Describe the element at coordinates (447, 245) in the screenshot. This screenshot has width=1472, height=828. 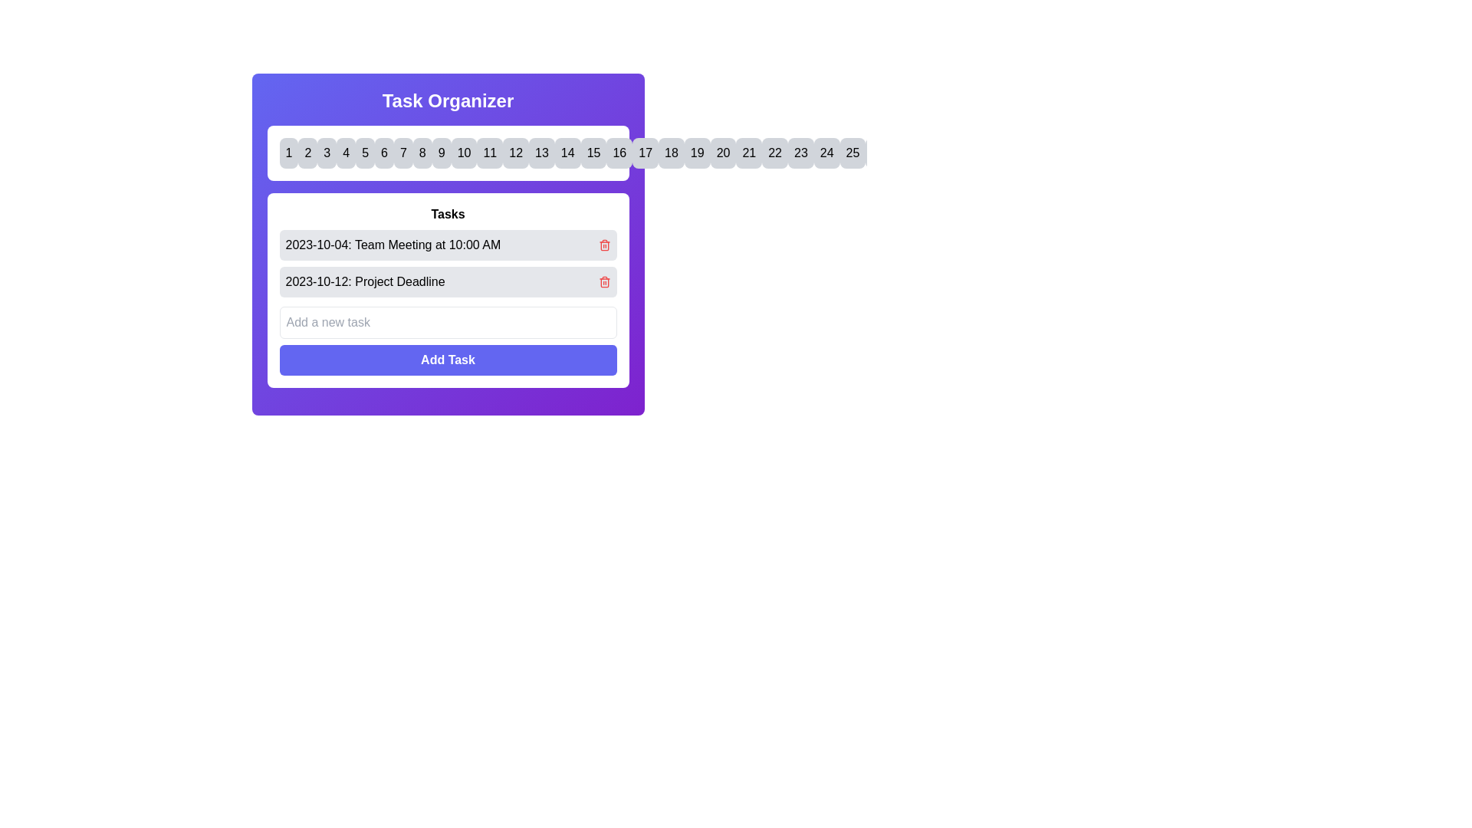
I see `the list item containing the text '2023-10-04: Team Meeting at 10:00 AM'` at that location.